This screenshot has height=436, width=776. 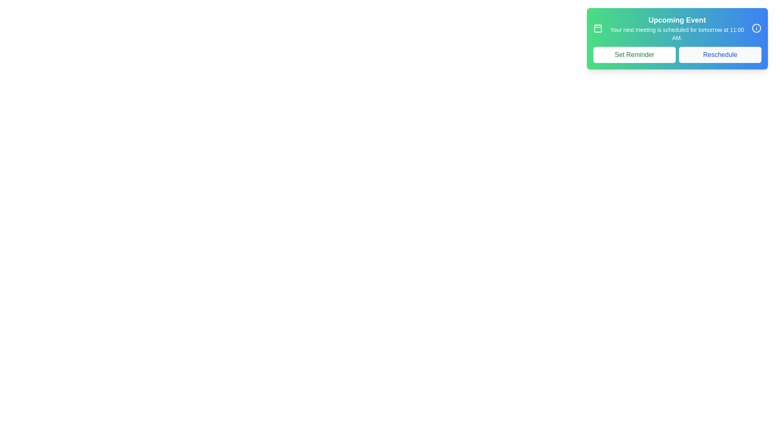 What do you see at coordinates (756, 27) in the screenshot?
I see `the close button of the snackbar to dismiss it` at bounding box center [756, 27].